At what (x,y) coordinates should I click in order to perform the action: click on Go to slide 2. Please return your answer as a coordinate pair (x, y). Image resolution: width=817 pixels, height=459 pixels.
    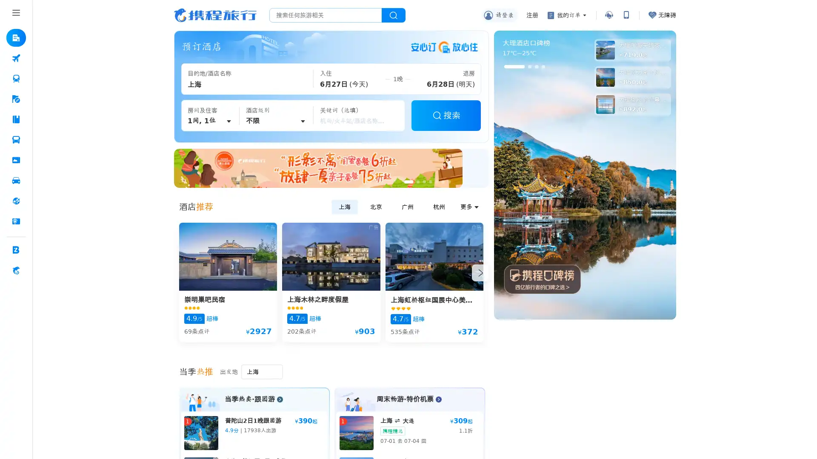
    Looking at the image, I should click on (440, 184).